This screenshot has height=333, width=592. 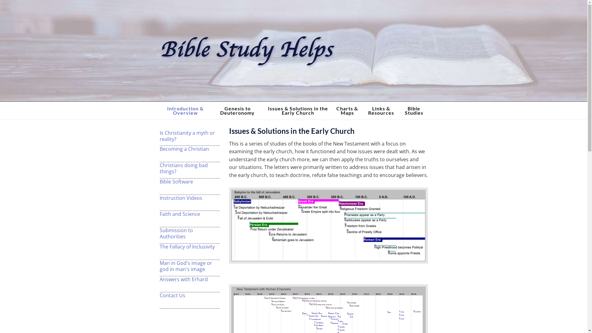 What do you see at coordinates (298, 110) in the screenshot?
I see `'Issues & Solutions in the Early Church'` at bounding box center [298, 110].